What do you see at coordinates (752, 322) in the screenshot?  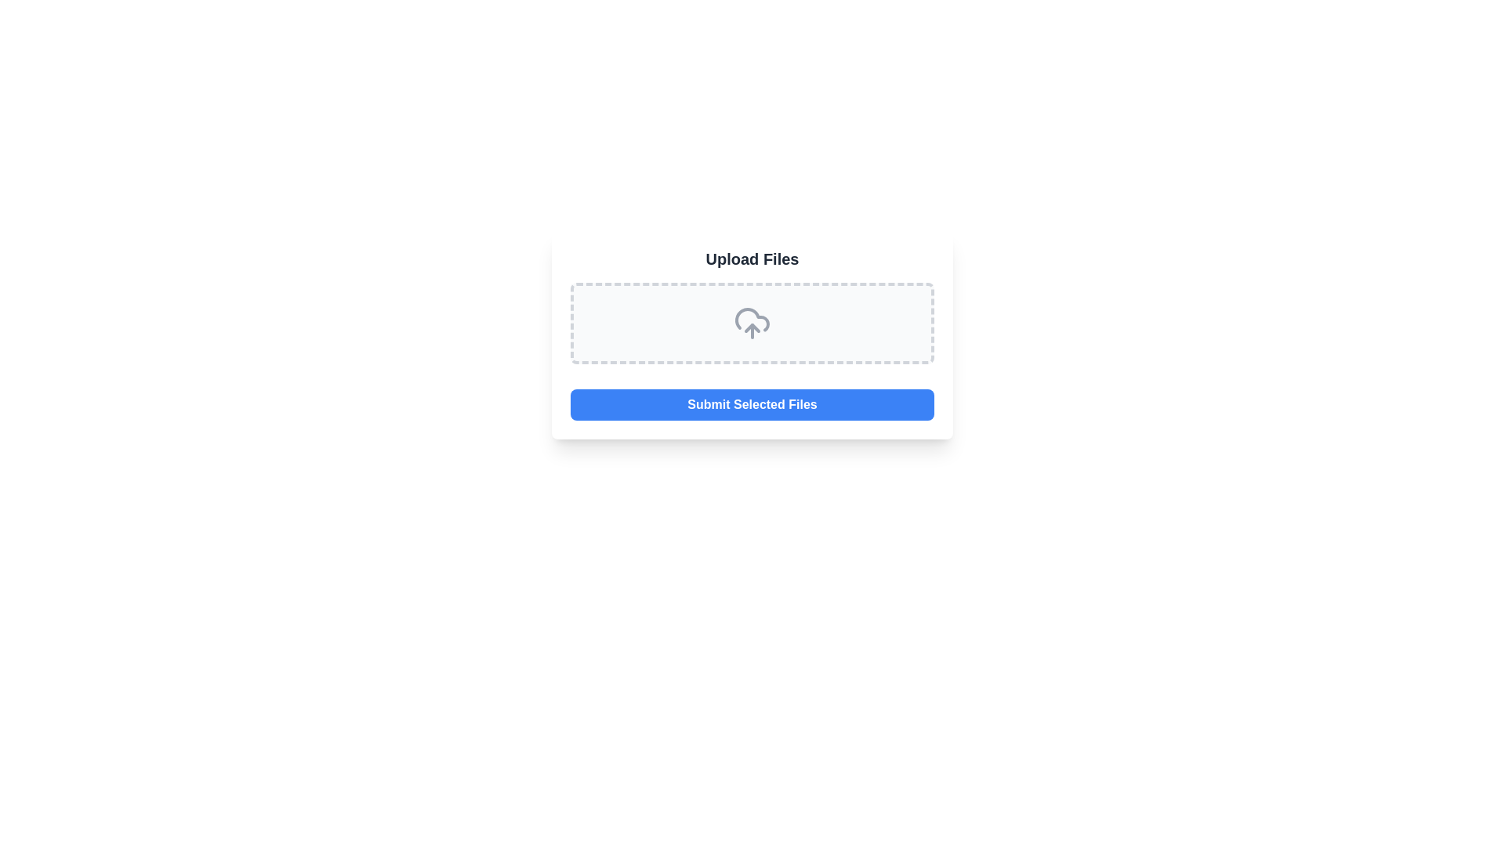 I see `the File input element located within the bordered, dashed rectangle` at bounding box center [752, 322].